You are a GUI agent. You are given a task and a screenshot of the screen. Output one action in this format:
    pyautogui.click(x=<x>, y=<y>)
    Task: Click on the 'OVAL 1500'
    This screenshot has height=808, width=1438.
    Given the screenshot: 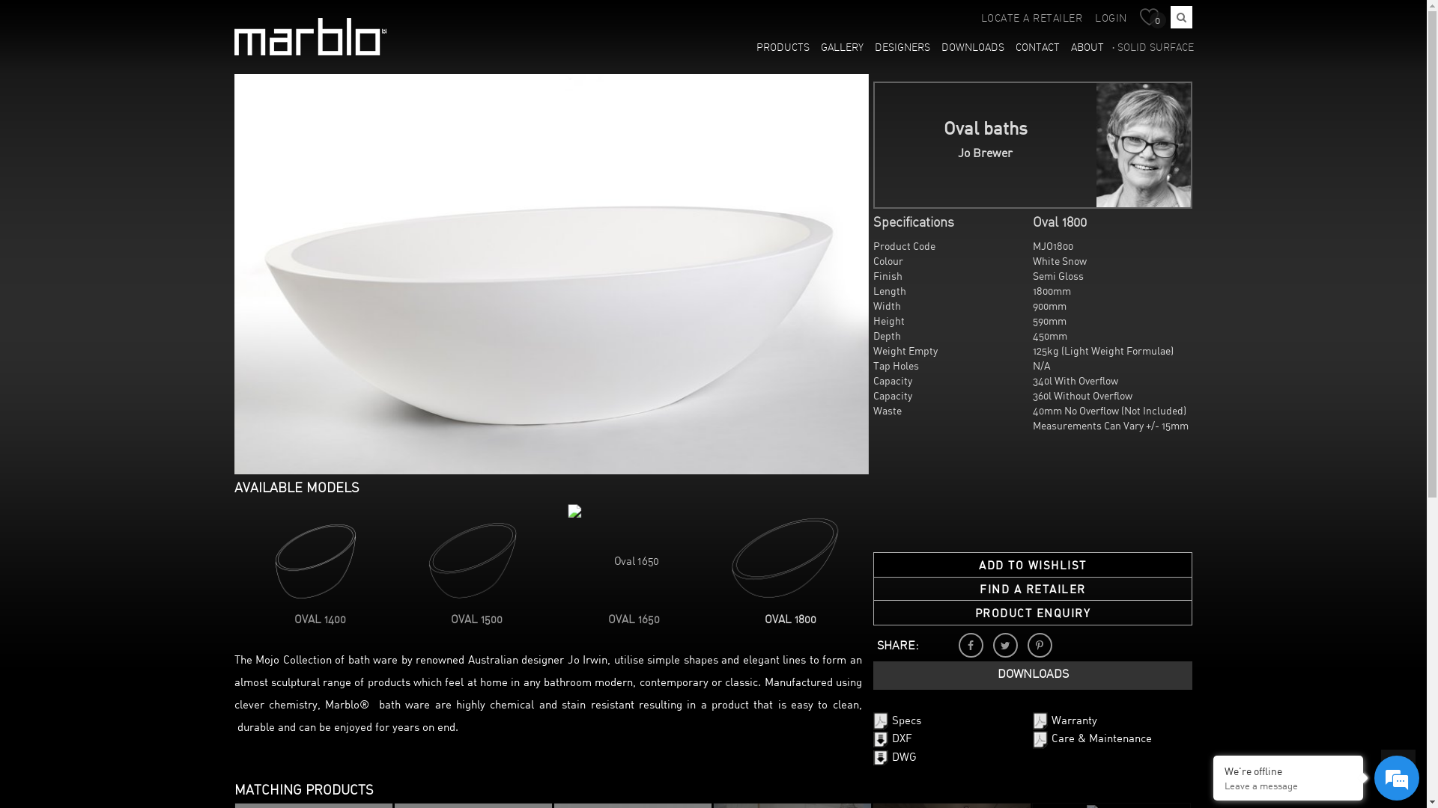 What is the action you would take?
    pyautogui.click(x=476, y=620)
    